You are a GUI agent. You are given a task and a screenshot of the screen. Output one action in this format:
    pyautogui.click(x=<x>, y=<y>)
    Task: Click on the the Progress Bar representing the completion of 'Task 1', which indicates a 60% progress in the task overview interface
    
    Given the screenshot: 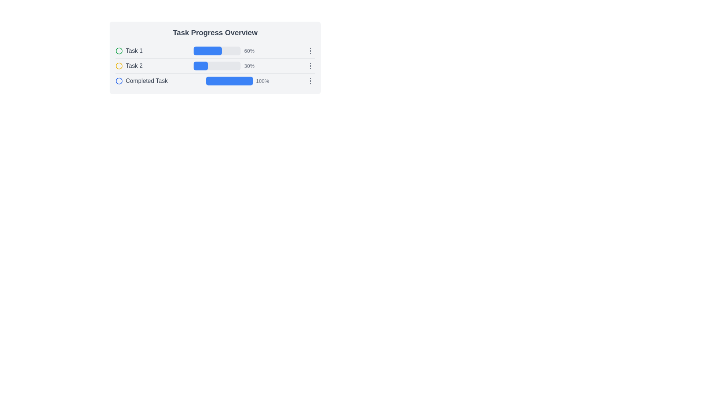 What is the action you would take?
    pyautogui.click(x=217, y=50)
    